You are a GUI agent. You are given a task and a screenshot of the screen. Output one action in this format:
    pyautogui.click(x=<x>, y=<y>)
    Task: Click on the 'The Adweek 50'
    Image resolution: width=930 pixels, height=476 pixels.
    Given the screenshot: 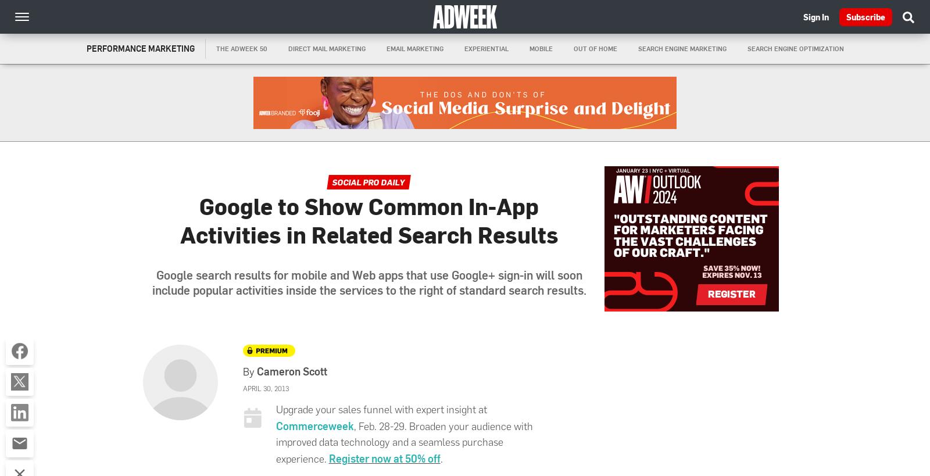 What is the action you would take?
    pyautogui.click(x=241, y=48)
    